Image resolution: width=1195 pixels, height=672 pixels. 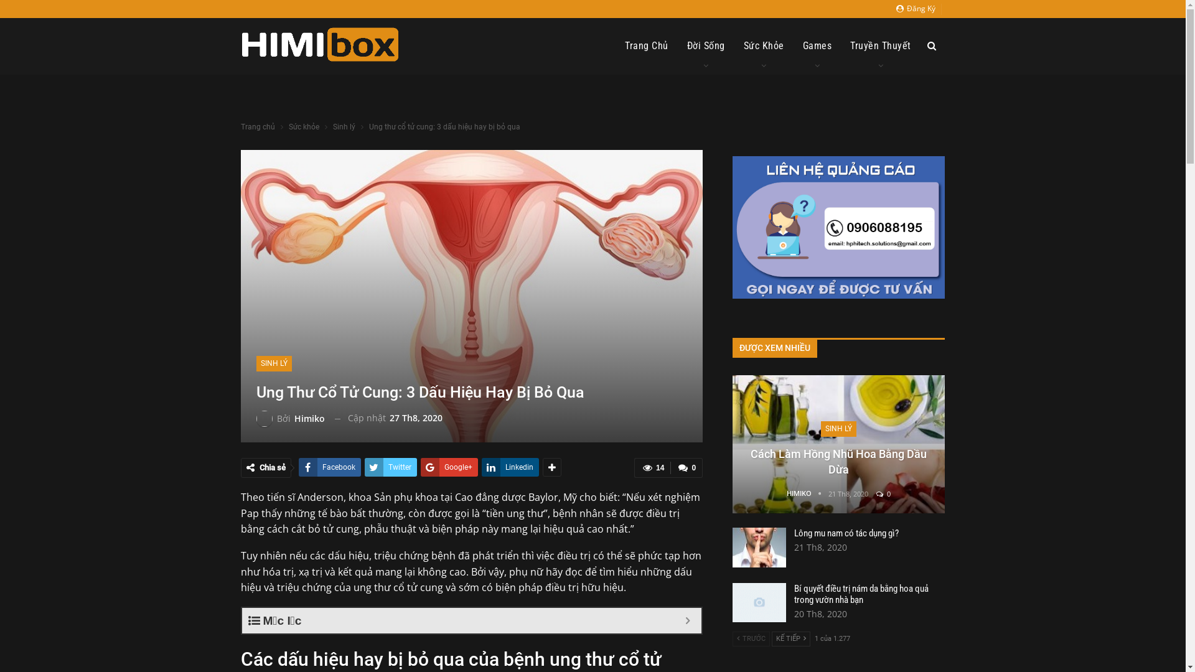 I want to click on 'Linkedin', so click(x=510, y=467).